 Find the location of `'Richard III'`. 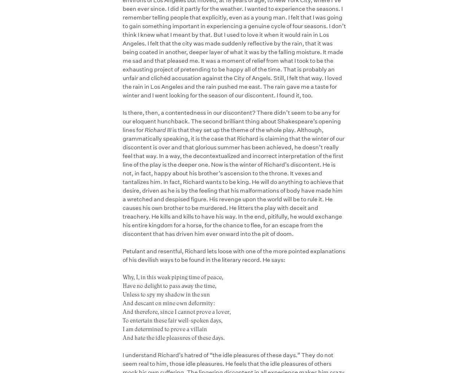

'Richard III' is located at coordinates (157, 129).